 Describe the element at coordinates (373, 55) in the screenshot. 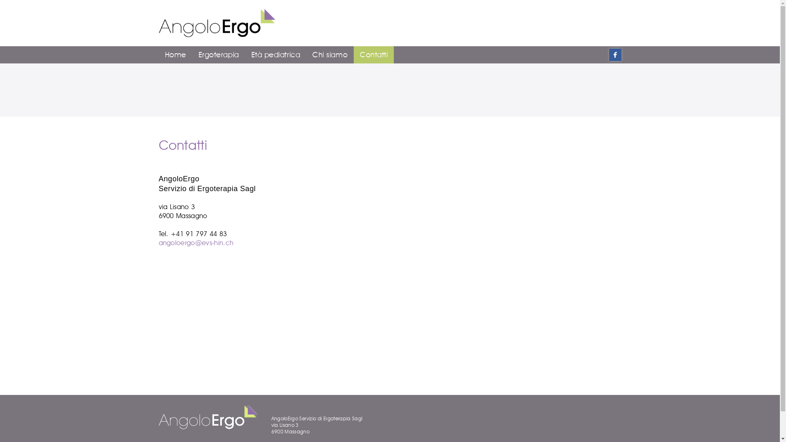

I see `'Contatti'` at that location.